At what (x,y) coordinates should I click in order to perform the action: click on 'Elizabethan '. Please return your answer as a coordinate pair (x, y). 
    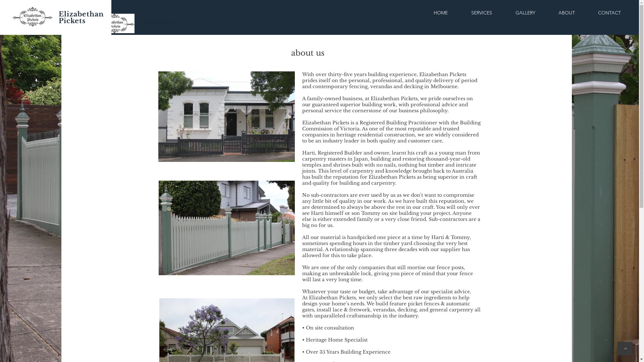
    Looking at the image, I should click on (82, 14).